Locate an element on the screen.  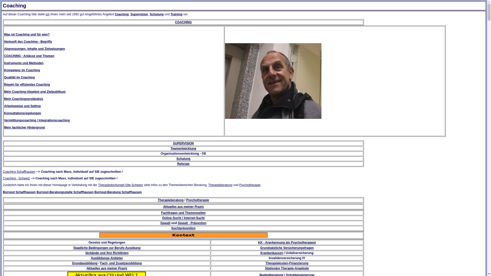
'Burnout Schaffhausen' is located at coordinates (19, 192).